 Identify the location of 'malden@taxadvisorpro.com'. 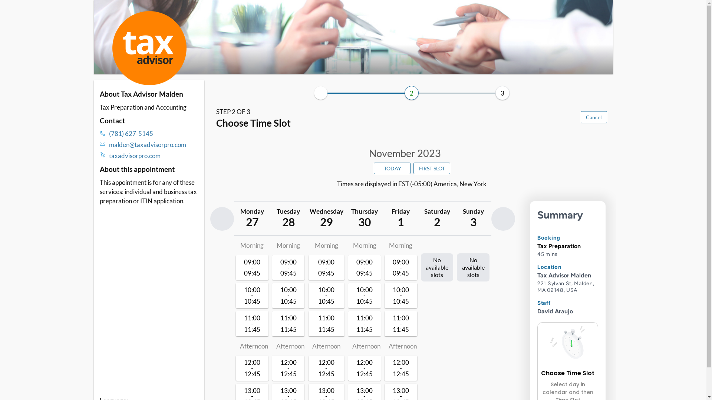
(108, 144).